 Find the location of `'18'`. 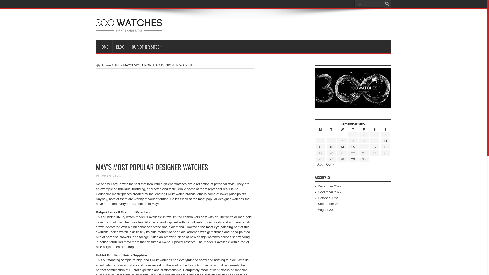

'18' is located at coordinates (385, 147).